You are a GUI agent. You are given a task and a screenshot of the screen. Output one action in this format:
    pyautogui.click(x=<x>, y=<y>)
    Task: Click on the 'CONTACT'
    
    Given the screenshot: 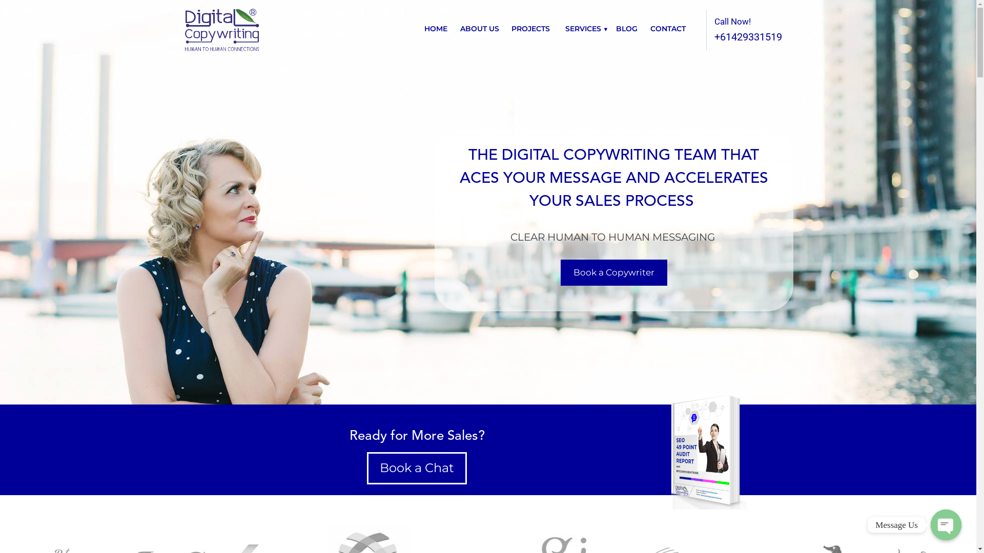 What is the action you would take?
    pyautogui.click(x=667, y=28)
    